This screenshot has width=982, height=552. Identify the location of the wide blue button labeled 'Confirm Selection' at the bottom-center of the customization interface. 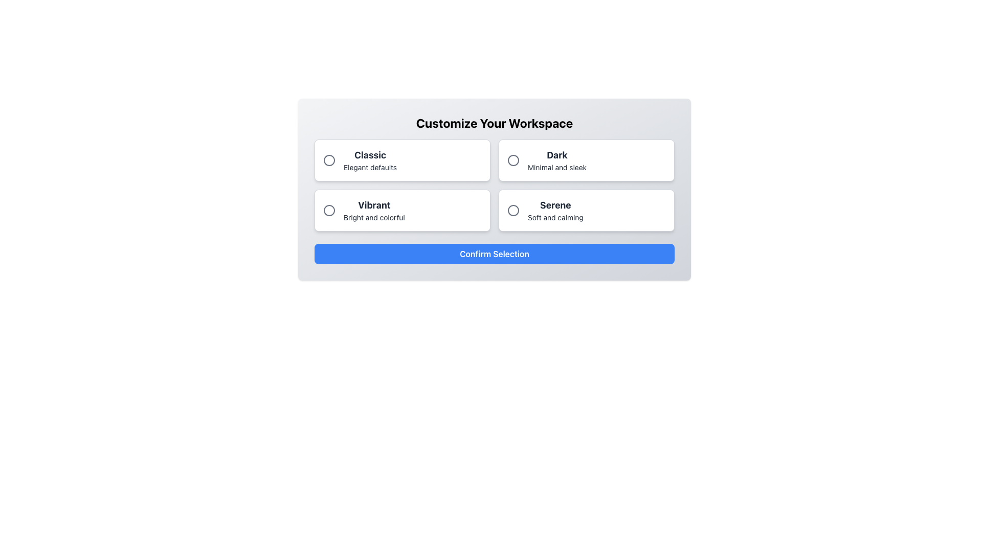
(494, 254).